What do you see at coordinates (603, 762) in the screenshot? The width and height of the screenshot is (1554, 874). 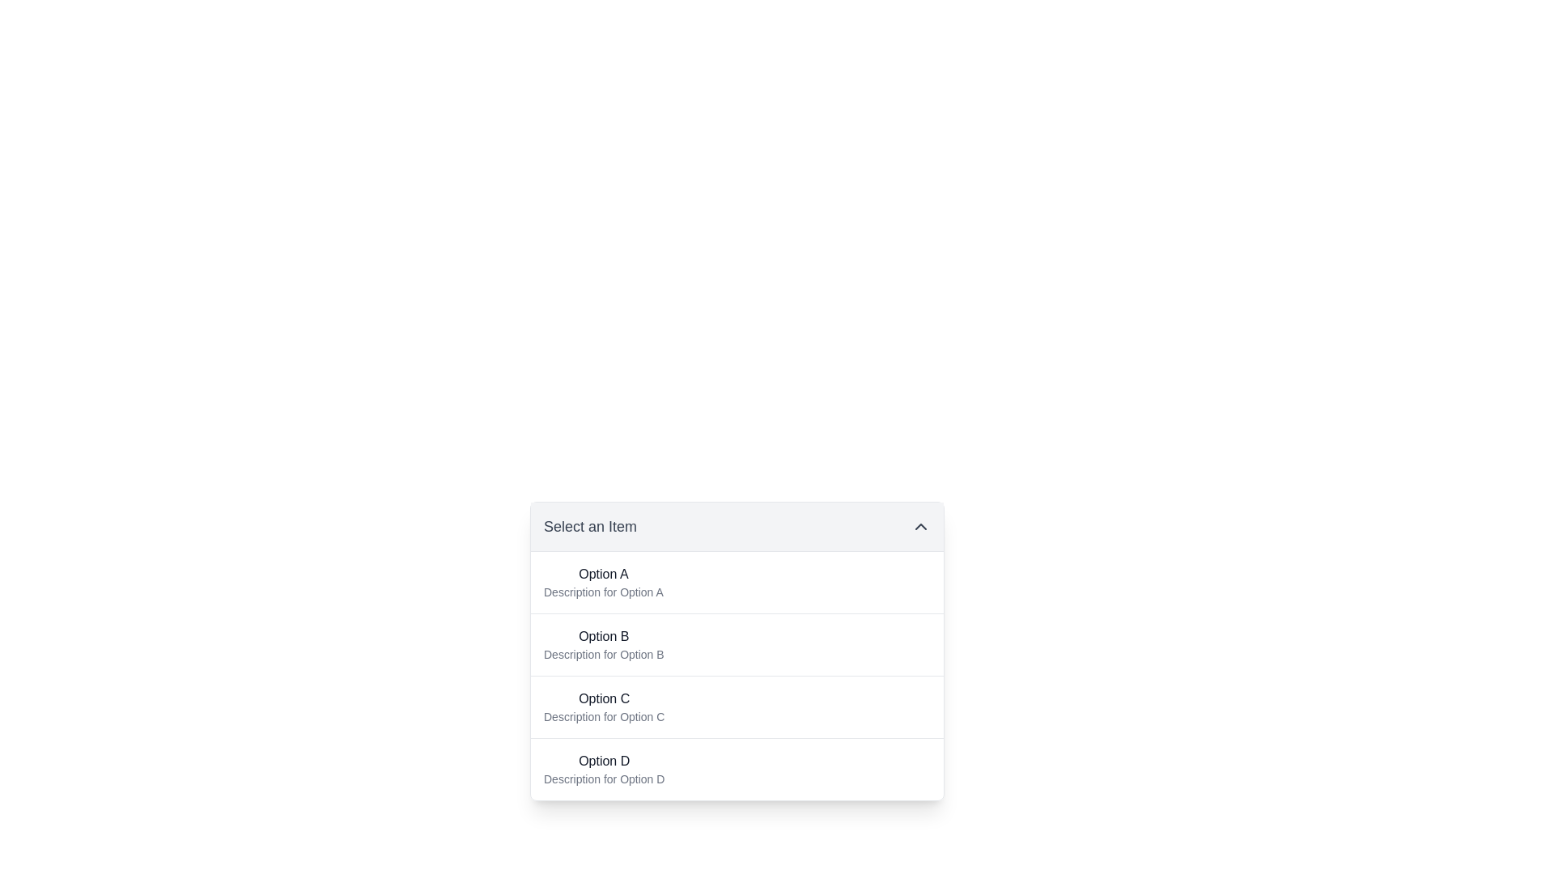 I see `the label containing the text 'Option D', which is formatted in medium-weight dark gray font and is located at the bottom-most position of the selection menu` at bounding box center [603, 762].